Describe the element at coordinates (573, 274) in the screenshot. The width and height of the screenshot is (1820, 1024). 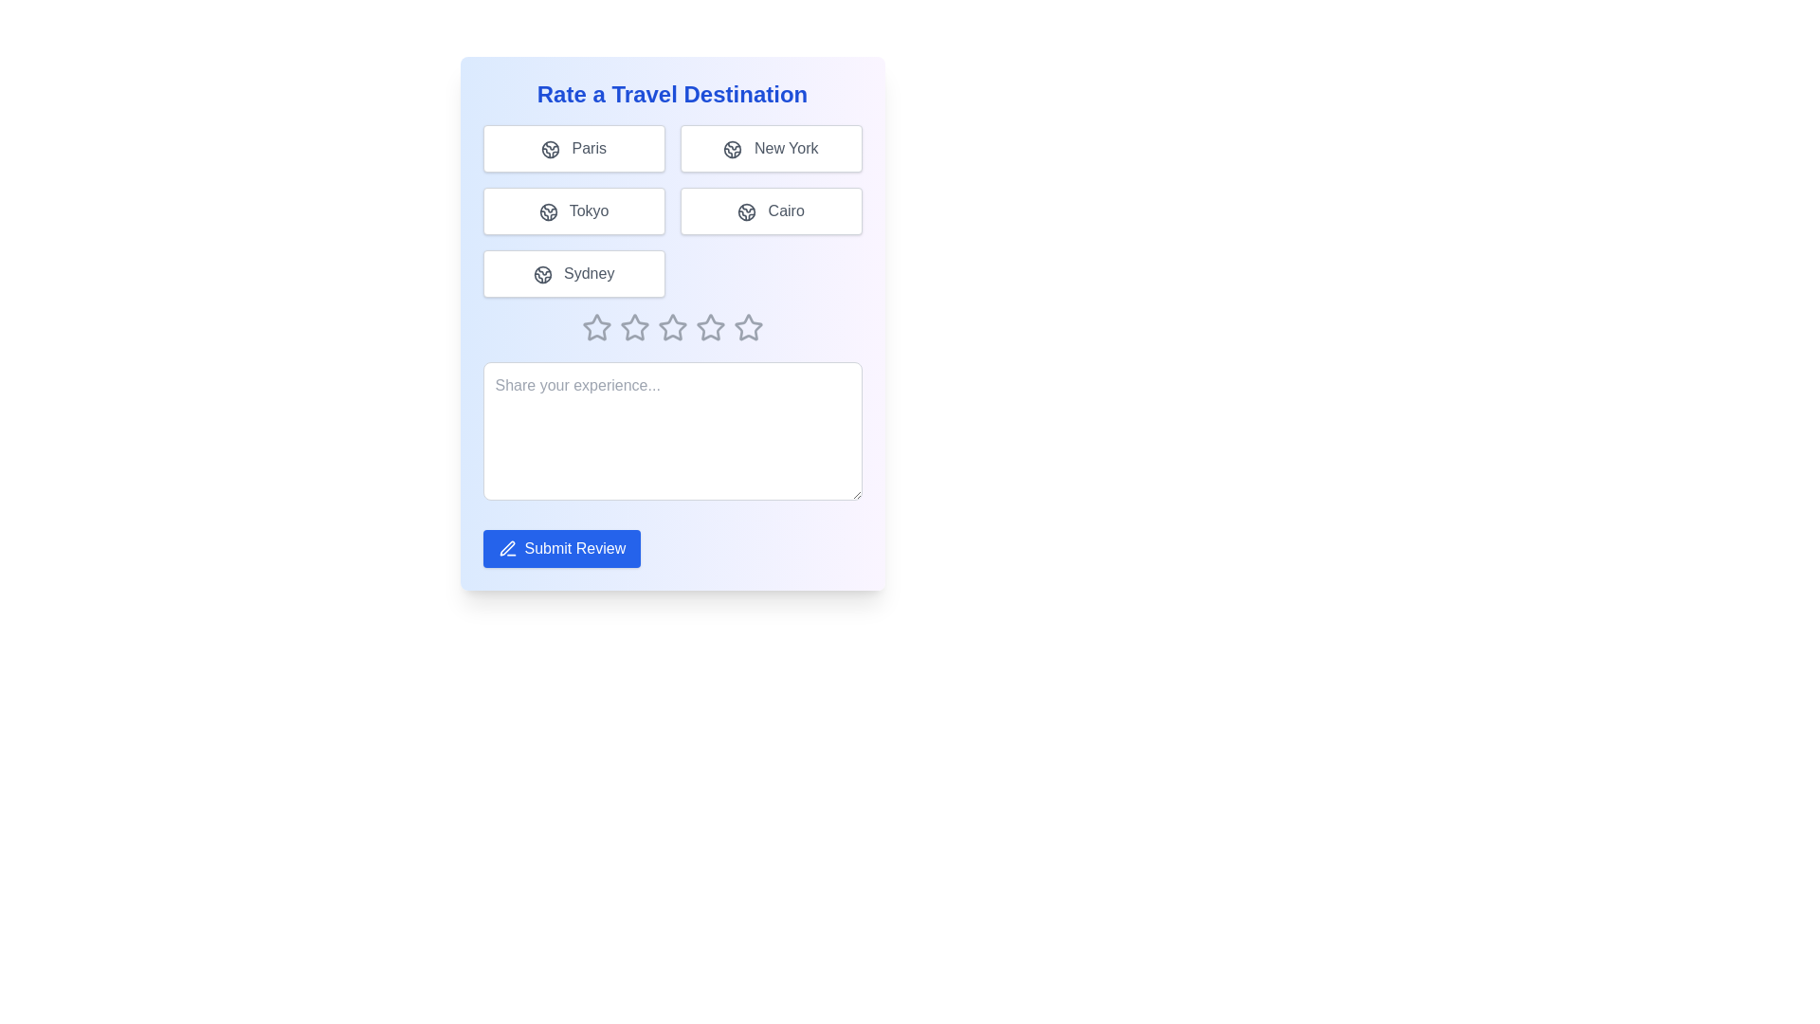
I see `the button labeled 'Sydney', which is a rectangular button with a globe icon and gray text, located` at that location.